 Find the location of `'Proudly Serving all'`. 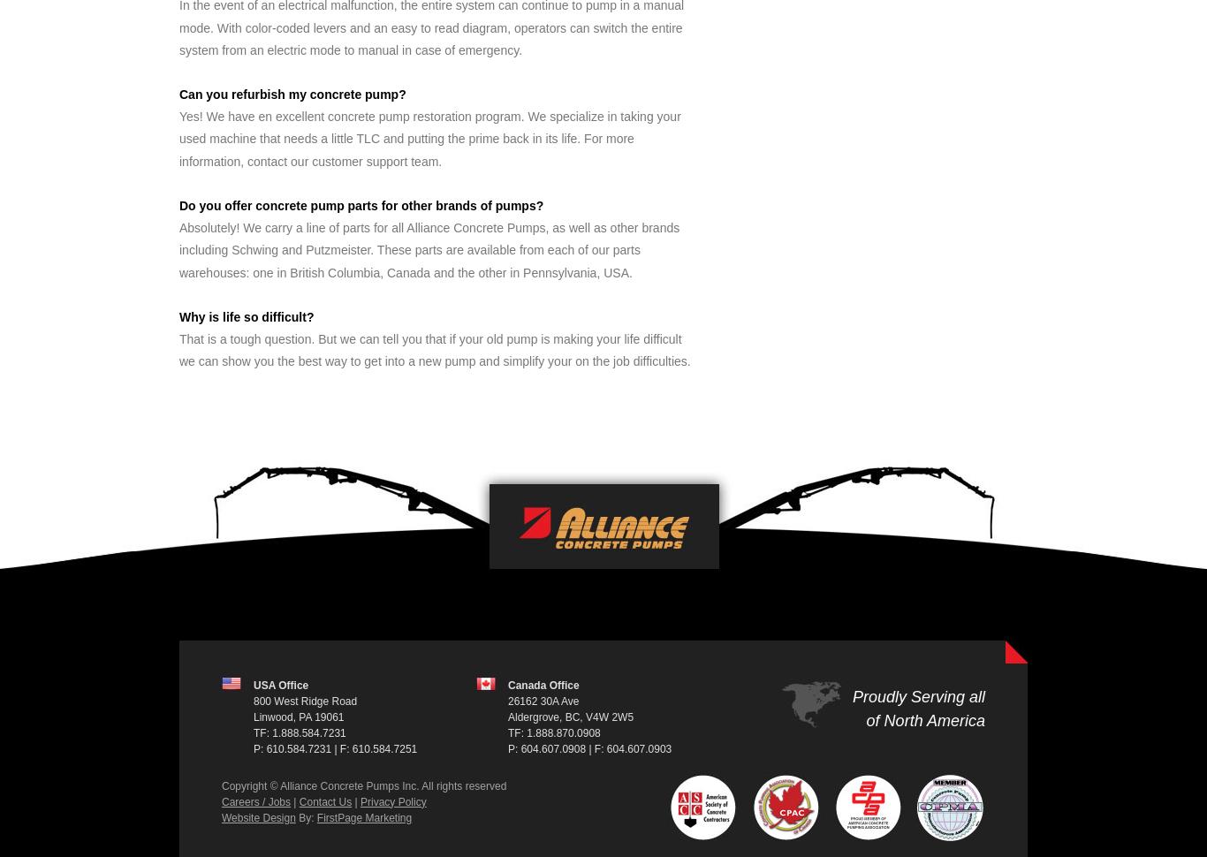

'Proudly Serving all' is located at coordinates (917, 696).